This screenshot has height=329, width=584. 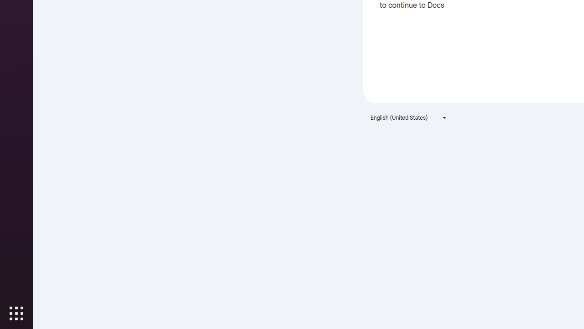 I want to click on 'Show Applications', so click(x=16, y=313).